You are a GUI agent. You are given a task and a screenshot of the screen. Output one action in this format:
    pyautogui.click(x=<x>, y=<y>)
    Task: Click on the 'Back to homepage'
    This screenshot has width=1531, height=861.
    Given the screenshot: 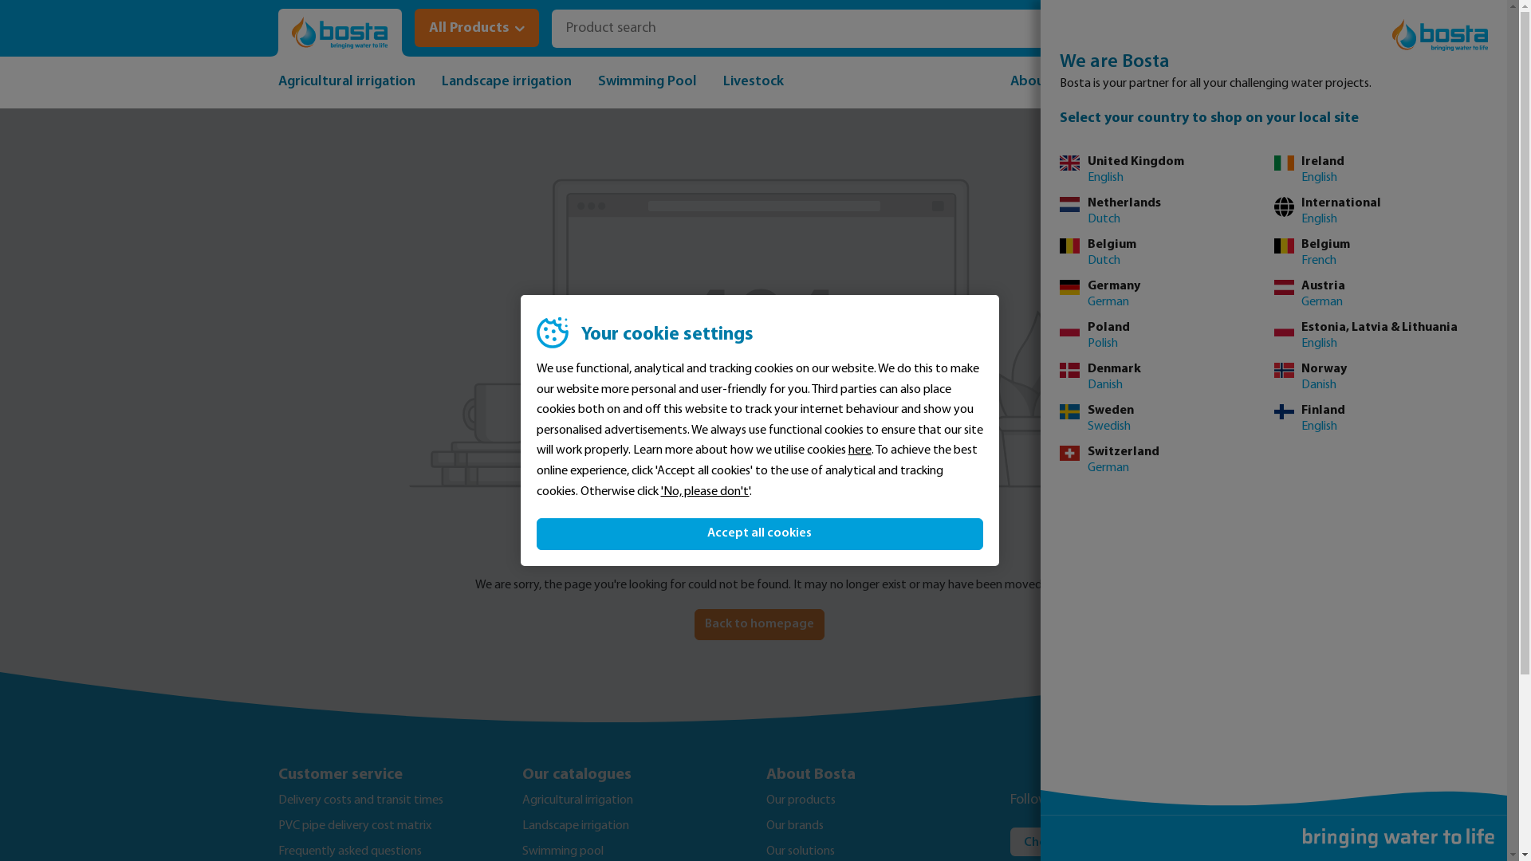 What is the action you would take?
    pyautogui.click(x=758, y=623)
    